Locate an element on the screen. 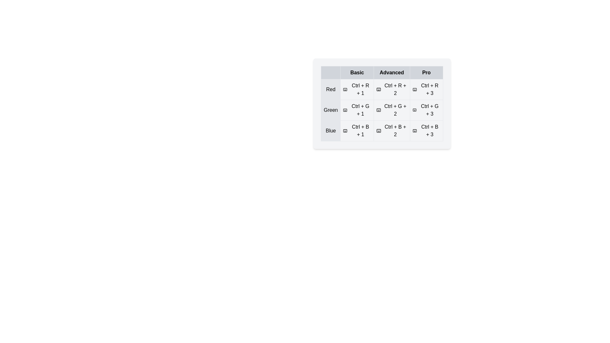  the small keyboard icon, which is an outlined vector graphic located in the second row and second column of the table under the 'Advanced' heading and beside the 'Red' label is located at coordinates (379, 89).